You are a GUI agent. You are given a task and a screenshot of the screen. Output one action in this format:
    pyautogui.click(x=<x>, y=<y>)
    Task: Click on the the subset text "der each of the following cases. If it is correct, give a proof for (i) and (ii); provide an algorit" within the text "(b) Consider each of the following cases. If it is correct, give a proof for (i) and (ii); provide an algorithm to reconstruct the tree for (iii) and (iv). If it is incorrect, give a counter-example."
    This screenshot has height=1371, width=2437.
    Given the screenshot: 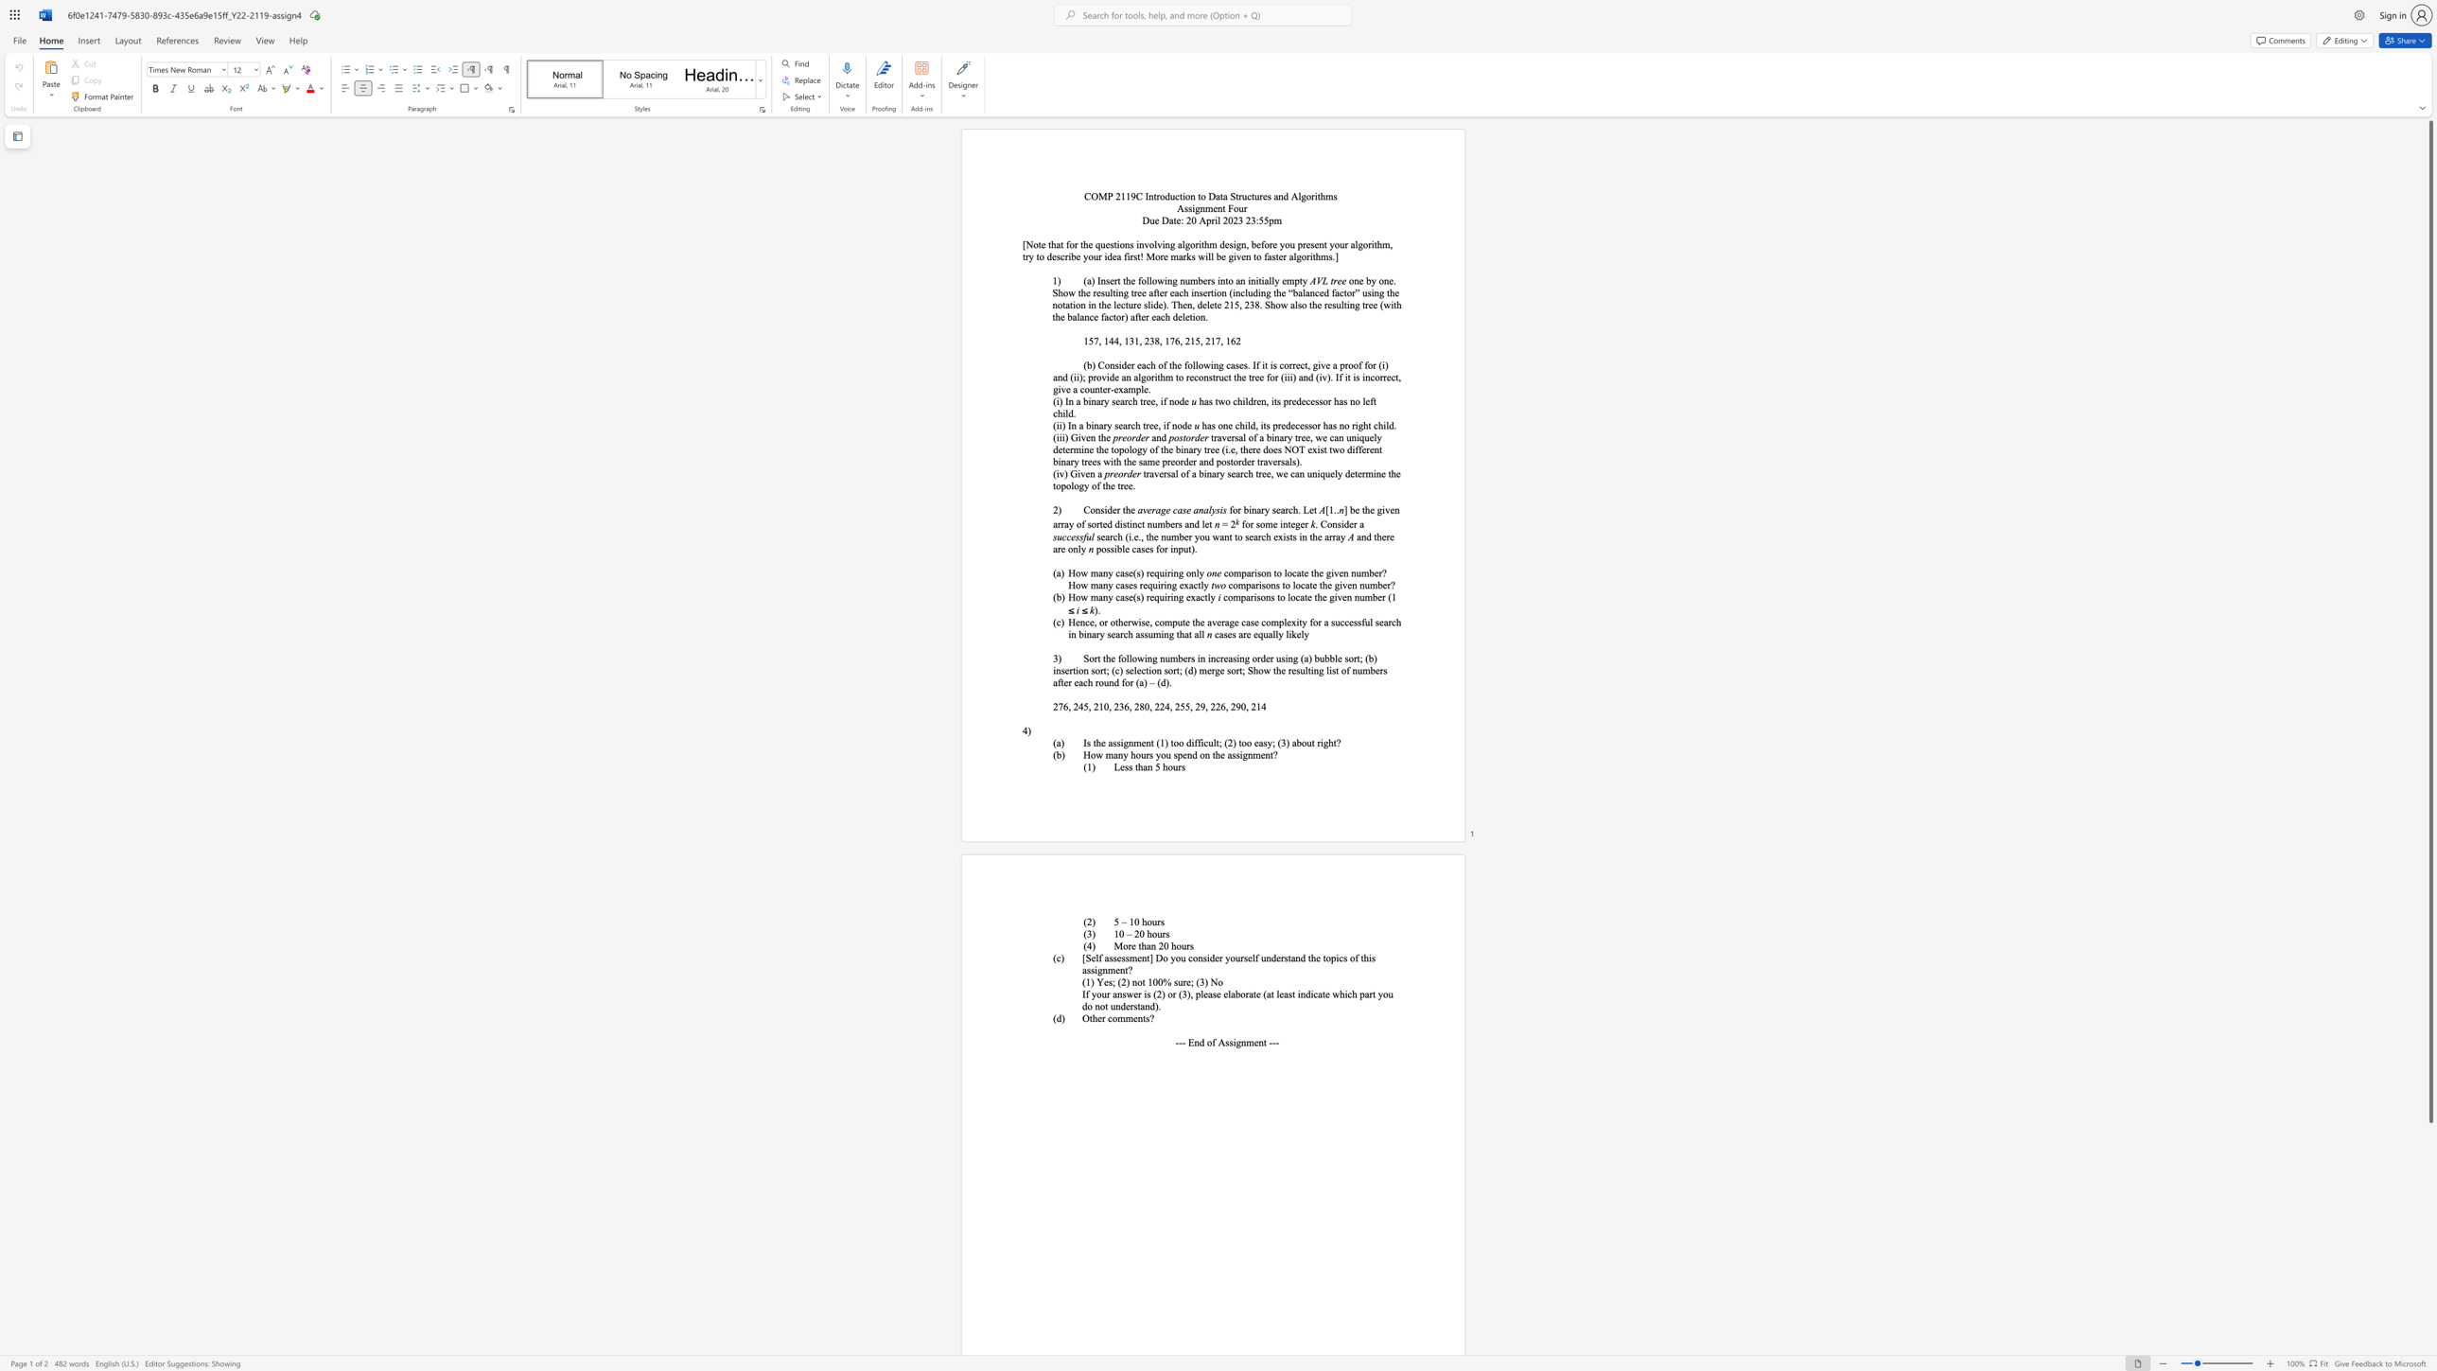 What is the action you would take?
    pyautogui.click(x=1121, y=365)
    